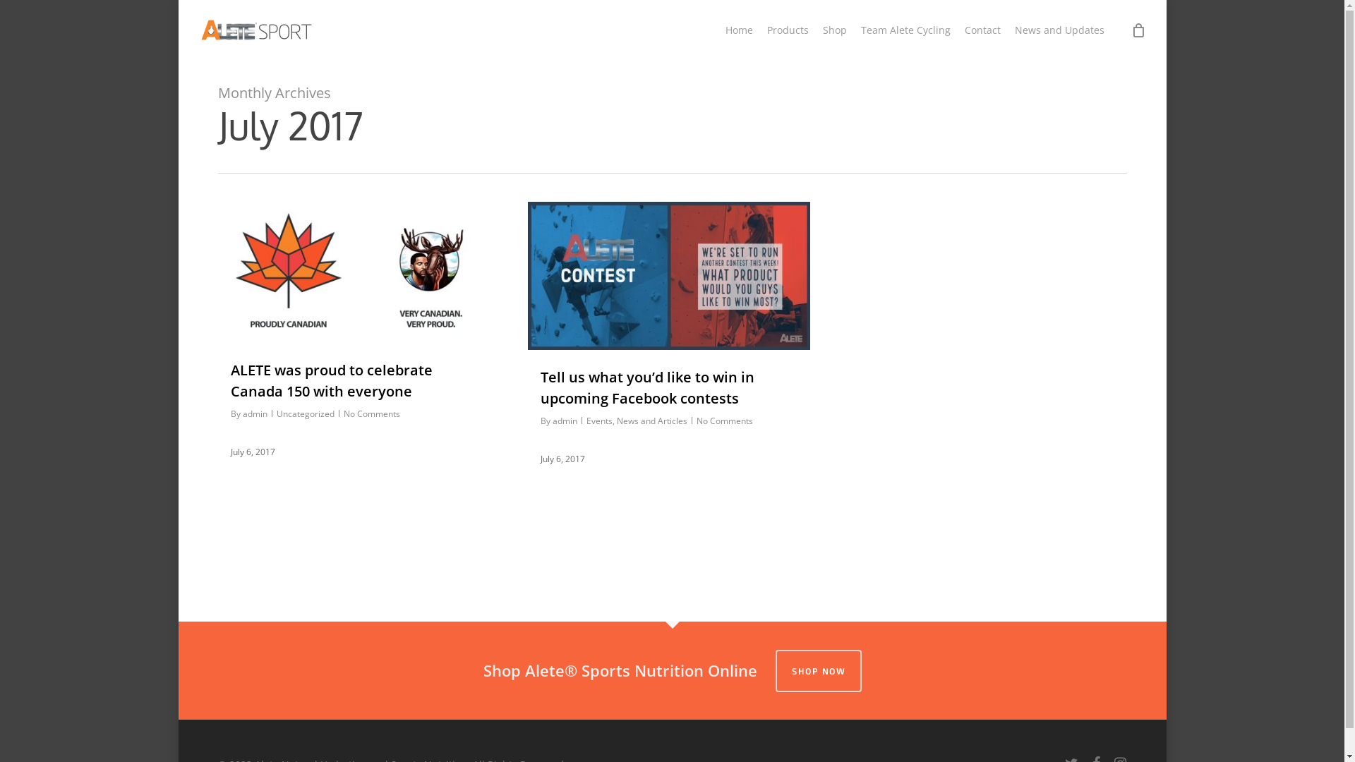 This screenshot has height=762, width=1355. What do you see at coordinates (695, 420) in the screenshot?
I see `'No Comments'` at bounding box center [695, 420].